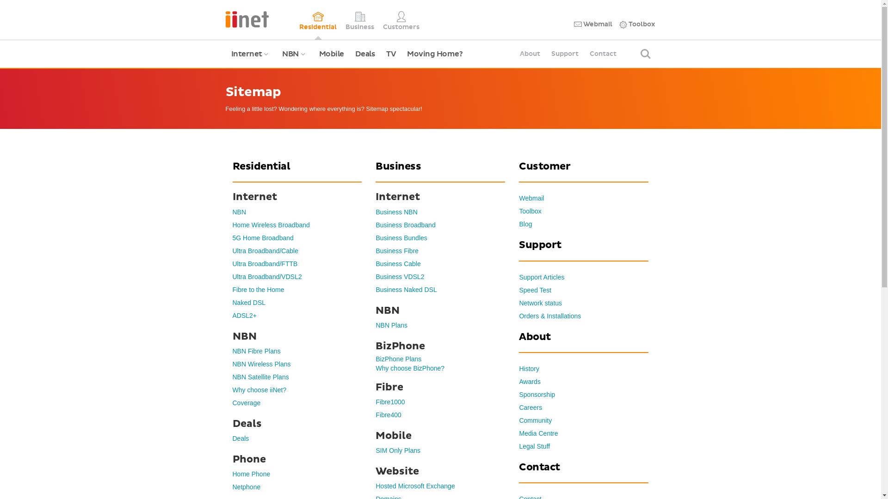 This screenshot has height=499, width=888. I want to click on 'Customers', so click(401, 19).